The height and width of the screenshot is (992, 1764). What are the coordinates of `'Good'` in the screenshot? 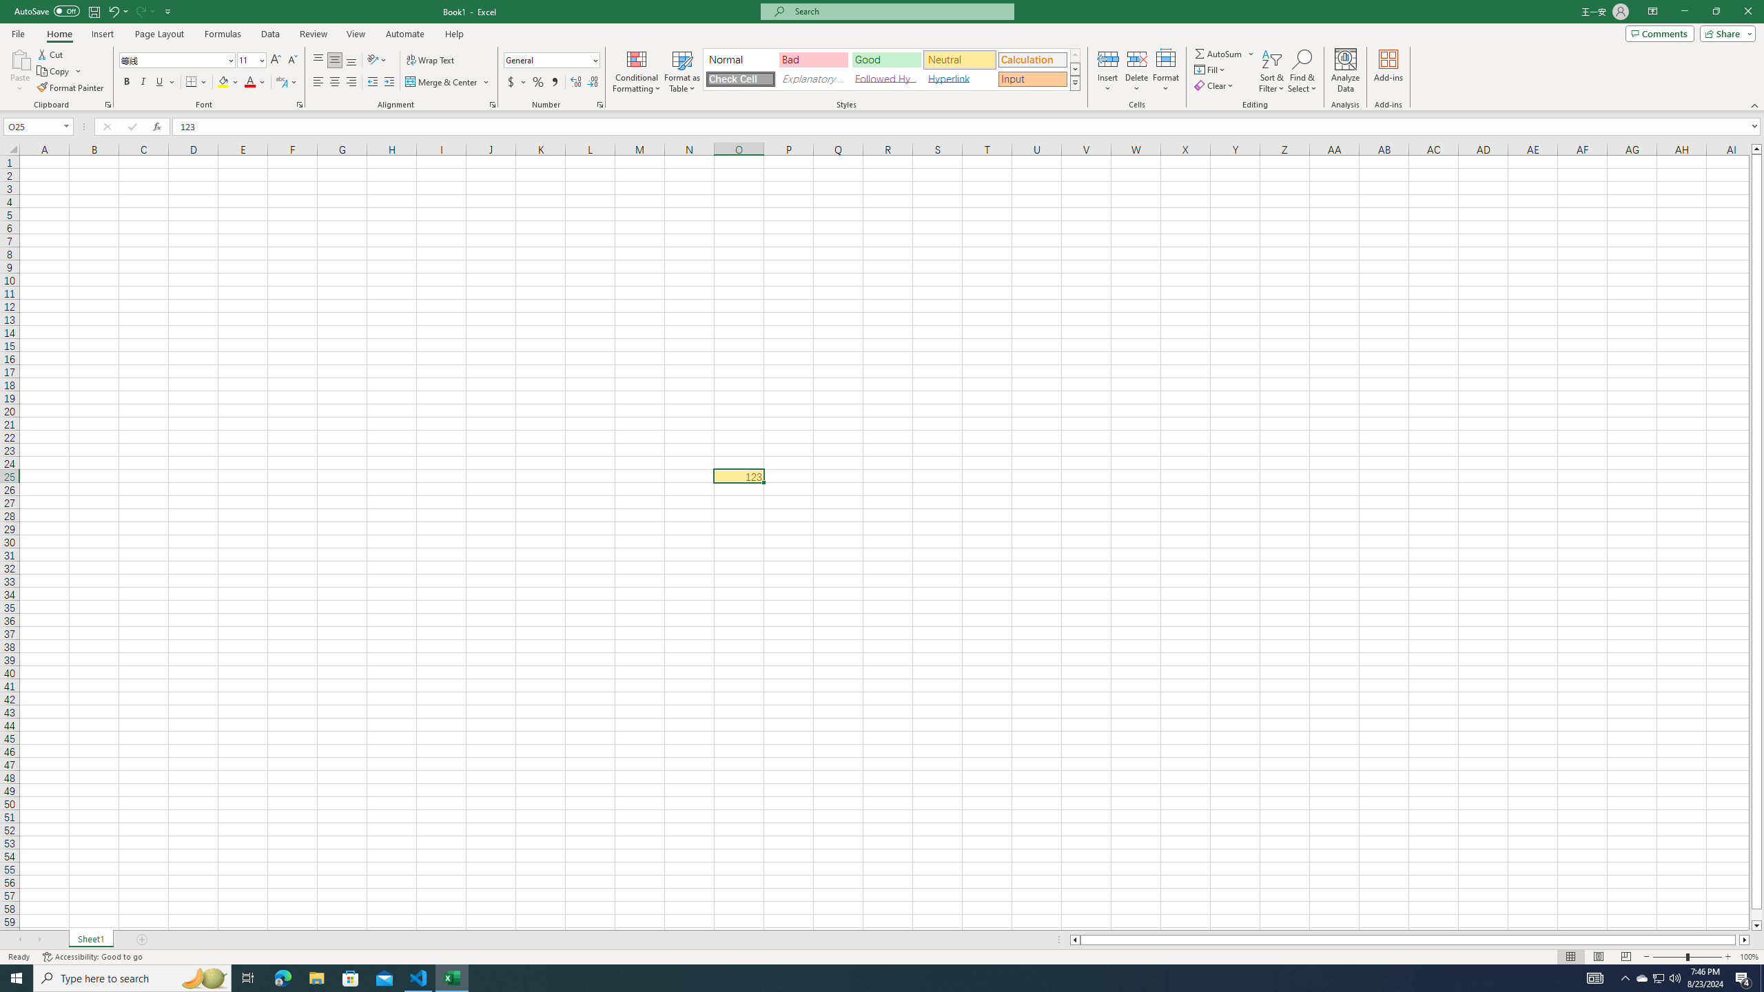 It's located at (885, 60).